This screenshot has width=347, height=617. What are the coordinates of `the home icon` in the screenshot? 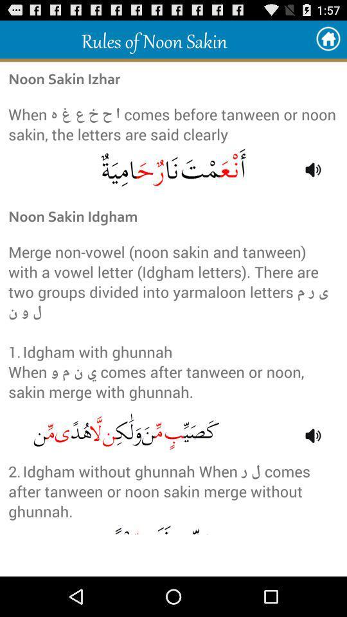 It's located at (328, 42).